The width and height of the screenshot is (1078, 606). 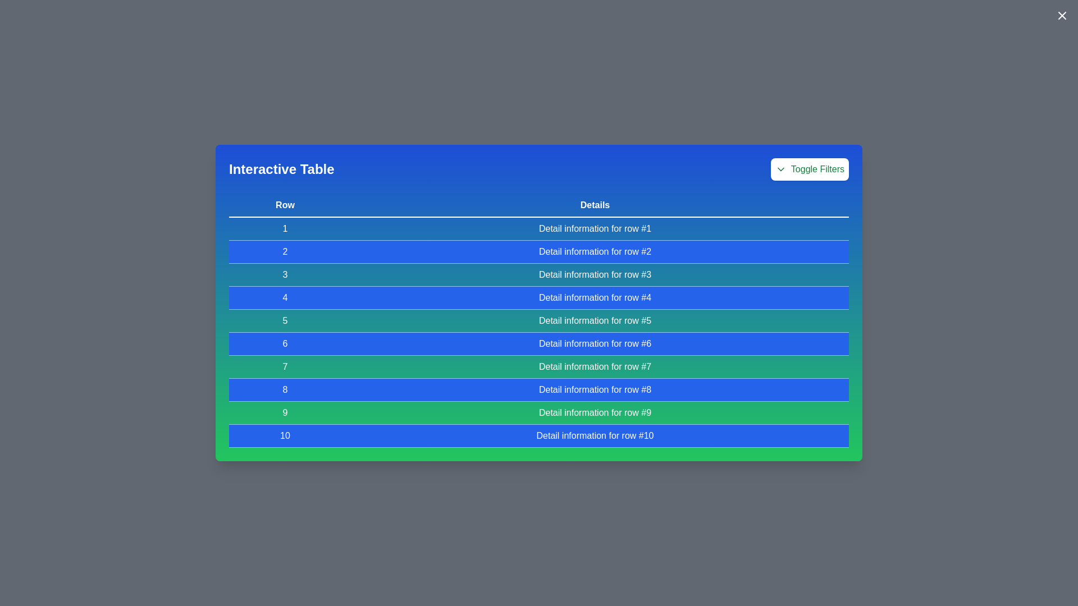 What do you see at coordinates (809, 169) in the screenshot?
I see `the 'Toggle Filters' button to toggle the visibility of the filters` at bounding box center [809, 169].